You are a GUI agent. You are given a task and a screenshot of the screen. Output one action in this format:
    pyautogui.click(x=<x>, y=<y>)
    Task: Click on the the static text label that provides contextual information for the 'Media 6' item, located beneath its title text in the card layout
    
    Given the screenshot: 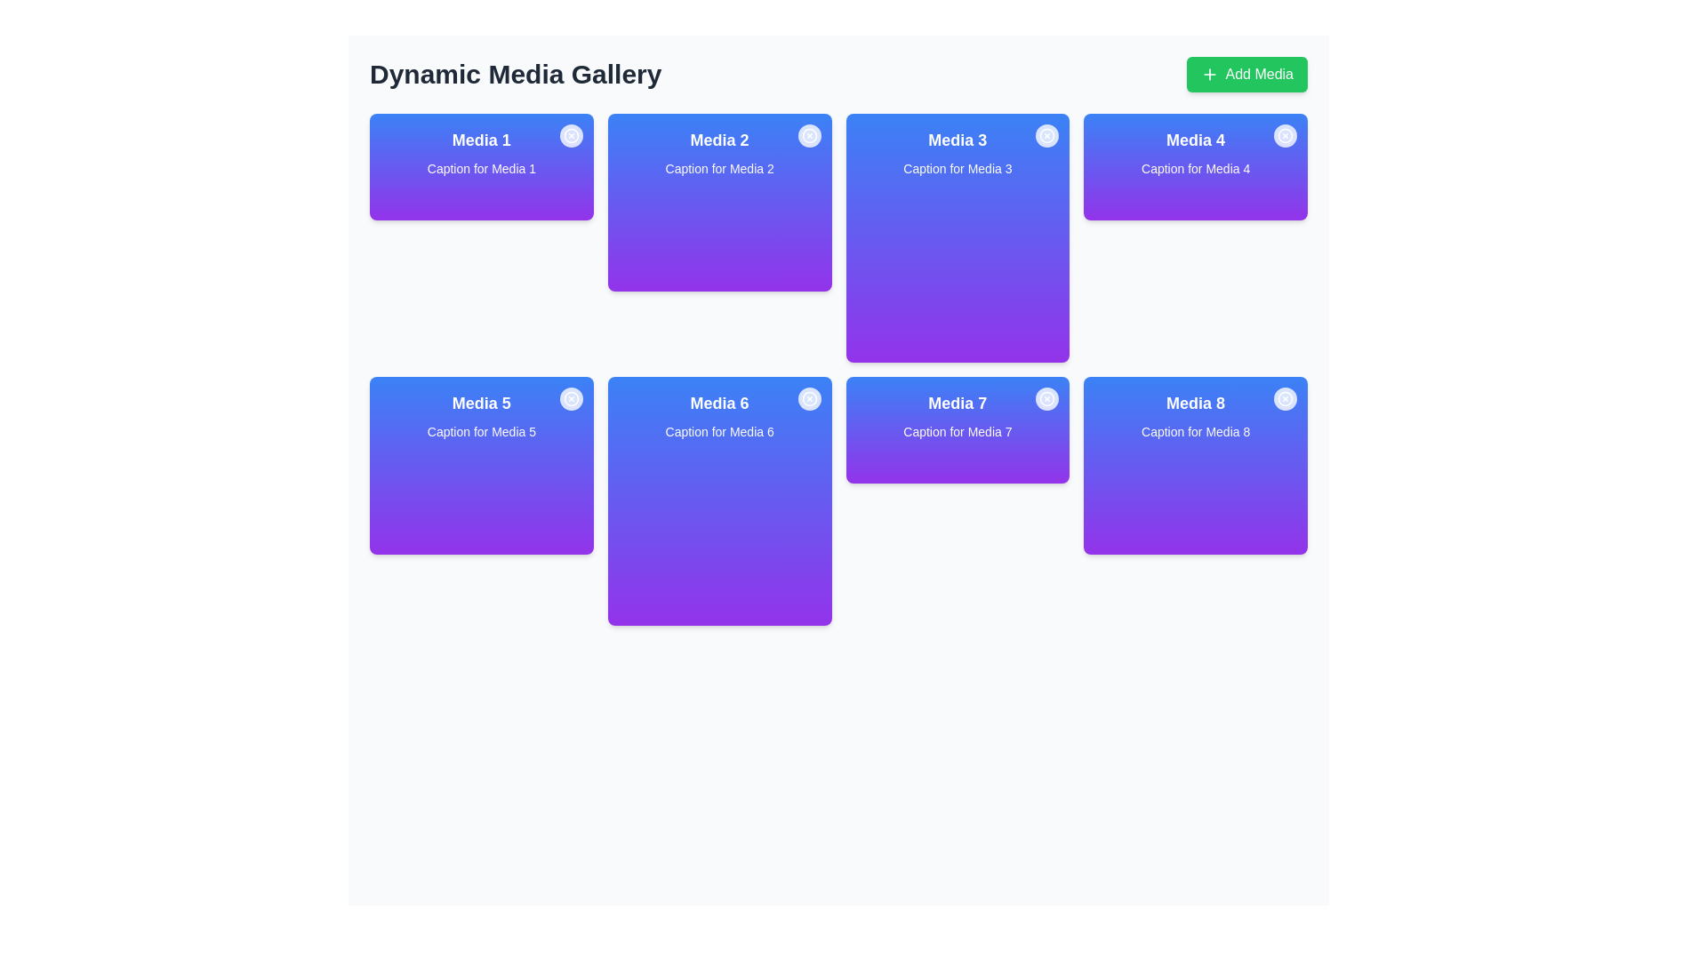 What is the action you would take?
    pyautogui.click(x=719, y=432)
    